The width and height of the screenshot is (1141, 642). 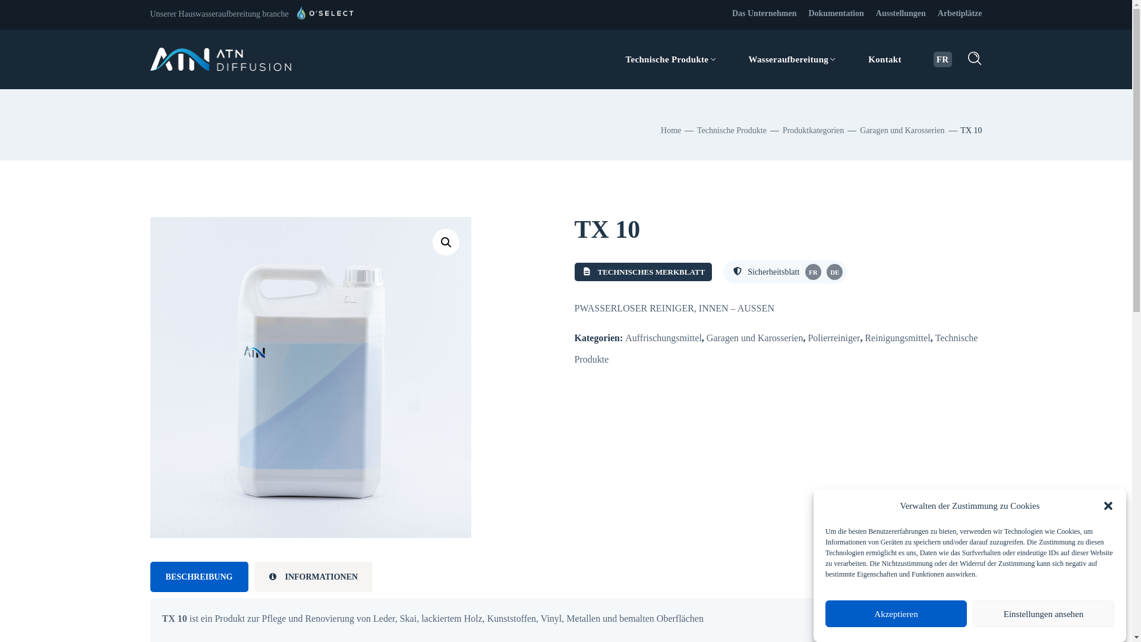 I want to click on 'Home', so click(x=670, y=130).